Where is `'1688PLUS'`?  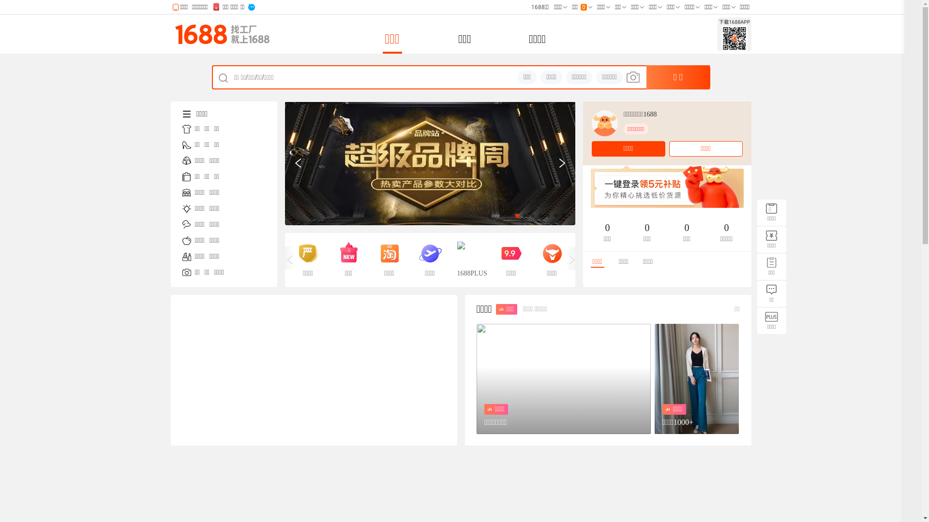
'1688PLUS' is located at coordinates (456, 259).